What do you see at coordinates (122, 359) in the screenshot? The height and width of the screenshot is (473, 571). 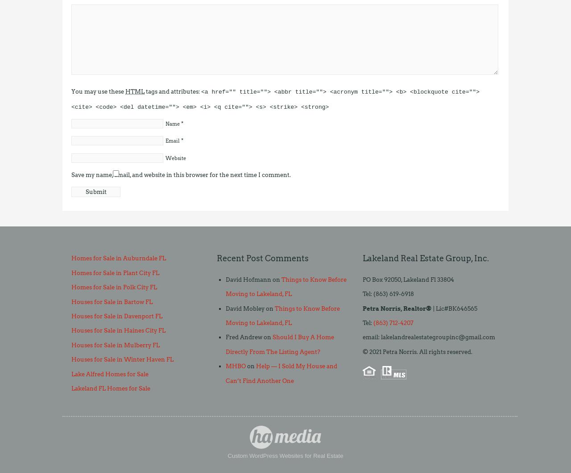 I see `'Houses for Sale in Winter Haven FL'` at bounding box center [122, 359].